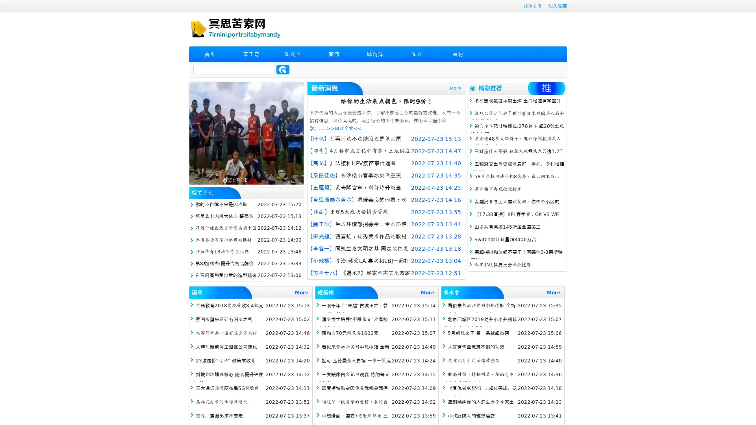 Image resolution: width=756 pixels, height=425 pixels. What do you see at coordinates (283, 69) in the screenshot?
I see `Search` at bounding box center [283, 69].